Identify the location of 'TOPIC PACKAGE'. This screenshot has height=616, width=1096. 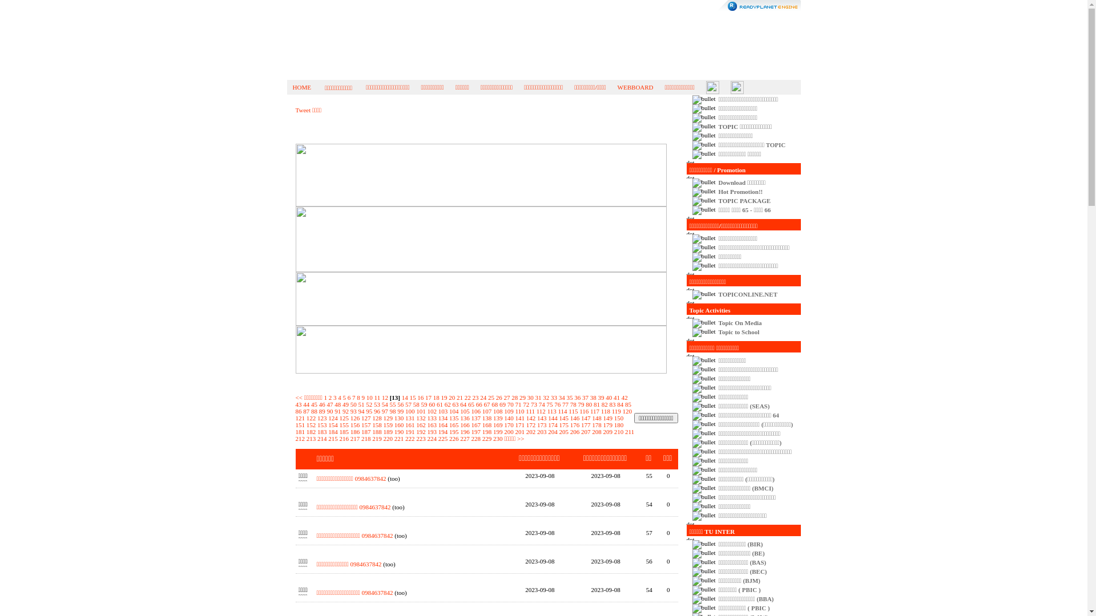
(745, 200).